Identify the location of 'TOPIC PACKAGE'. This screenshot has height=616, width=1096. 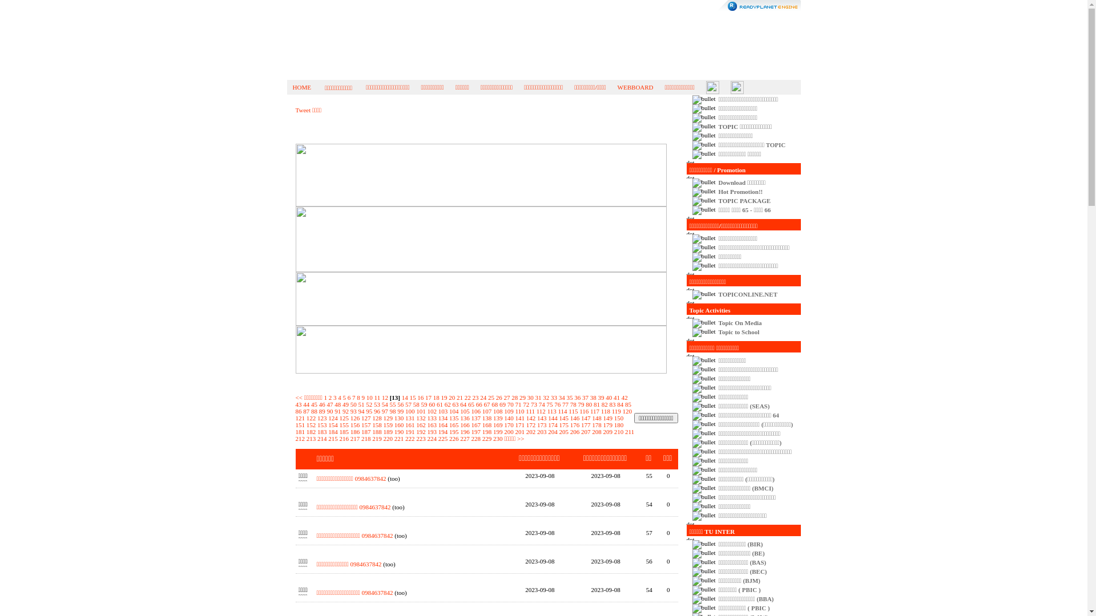
(745, 200).